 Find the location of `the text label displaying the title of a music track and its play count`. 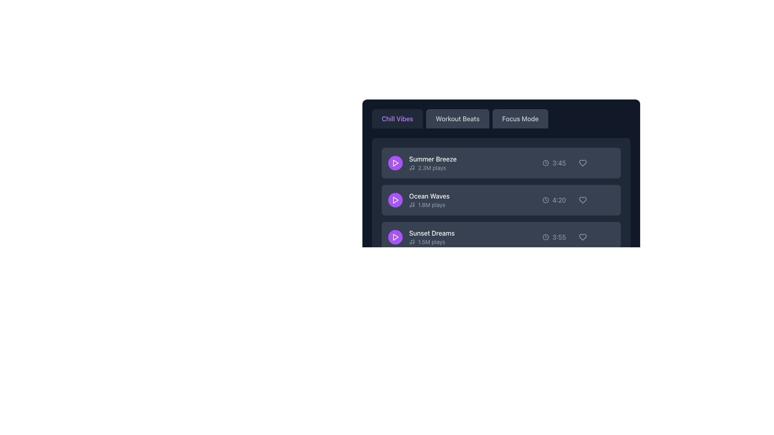

the text label displaying the title of a music track and its play count is located at coordinates (419, 200).